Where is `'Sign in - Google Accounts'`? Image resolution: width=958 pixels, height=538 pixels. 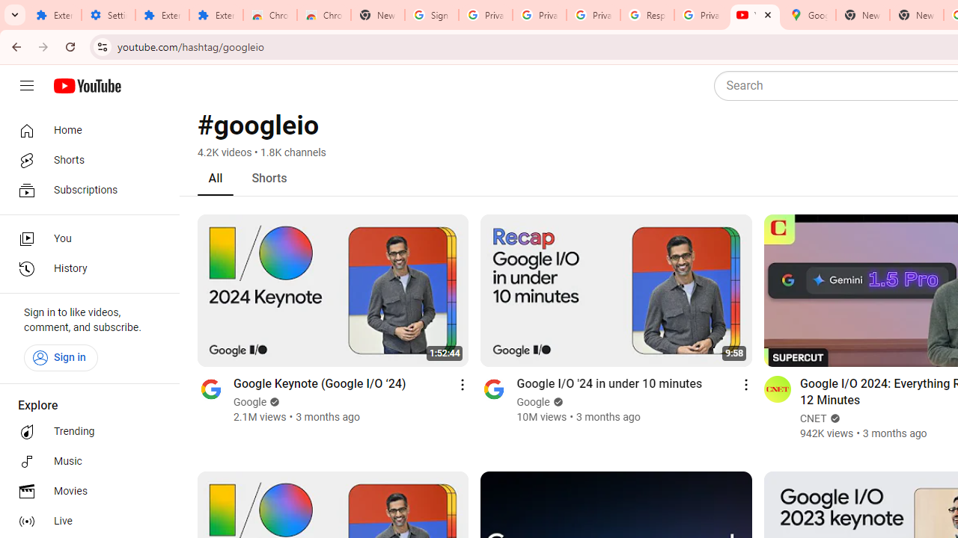
'Sign in - Google Accounts' is located at coordinates (431, 15).